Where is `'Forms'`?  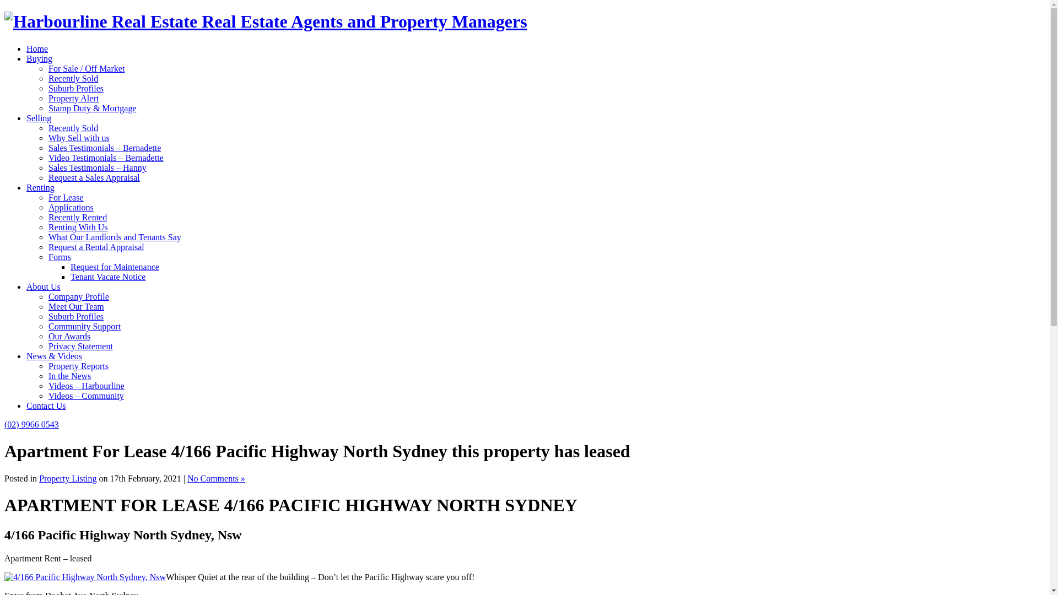
'Forms' is located at coordinates (47, 257).